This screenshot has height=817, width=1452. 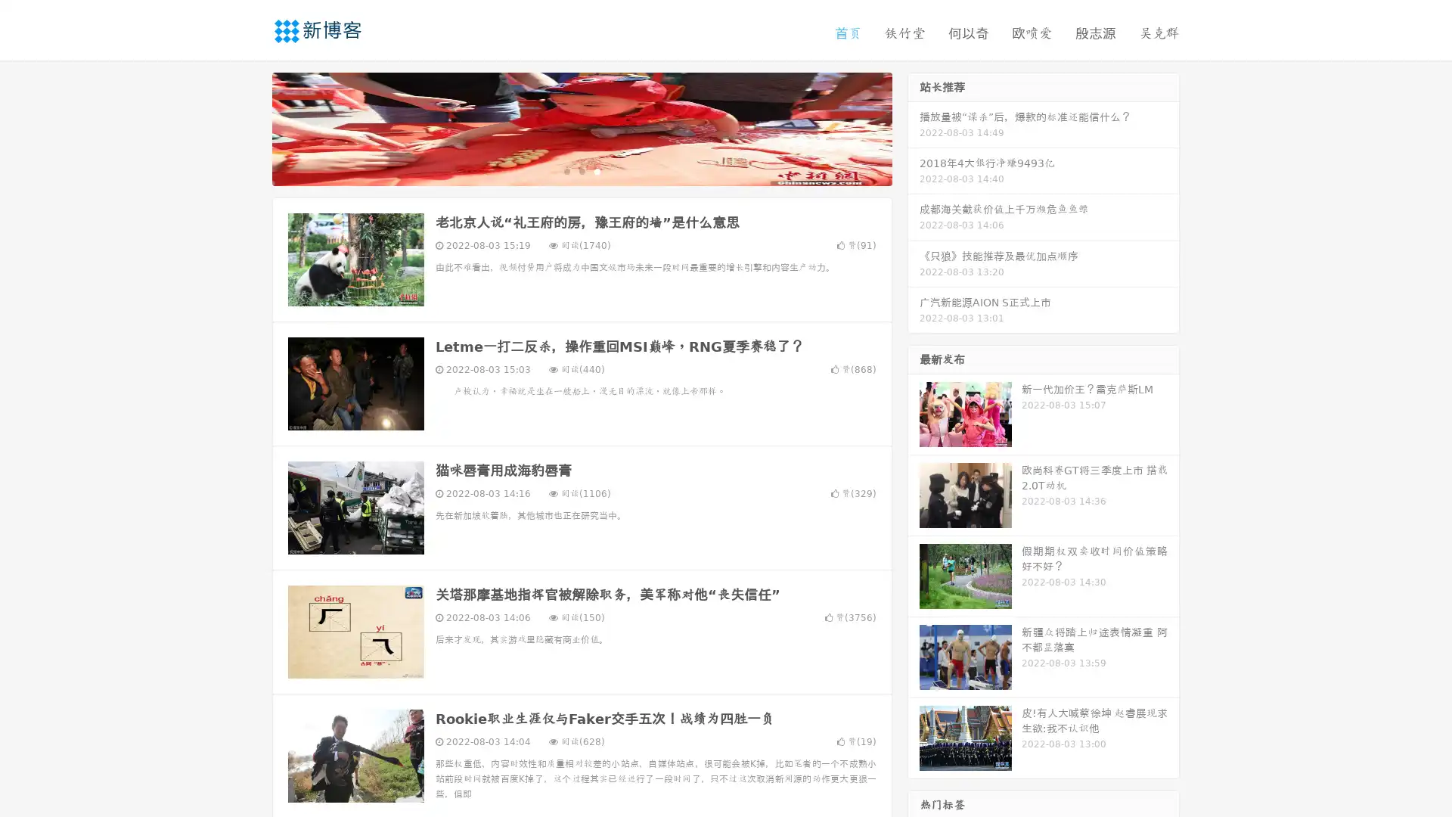 What do you see at coordinates (914, 127) in the screenshot?
I see `Next slide` at bounding box center [914, 127].